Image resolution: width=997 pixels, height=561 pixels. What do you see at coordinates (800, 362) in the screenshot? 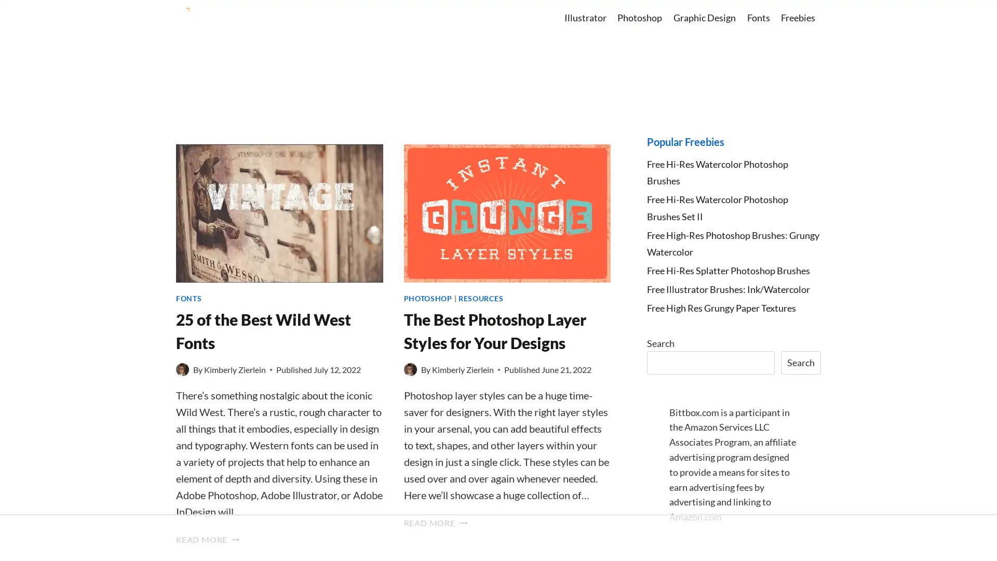
I see `Search` at bounding box center [800, 362].